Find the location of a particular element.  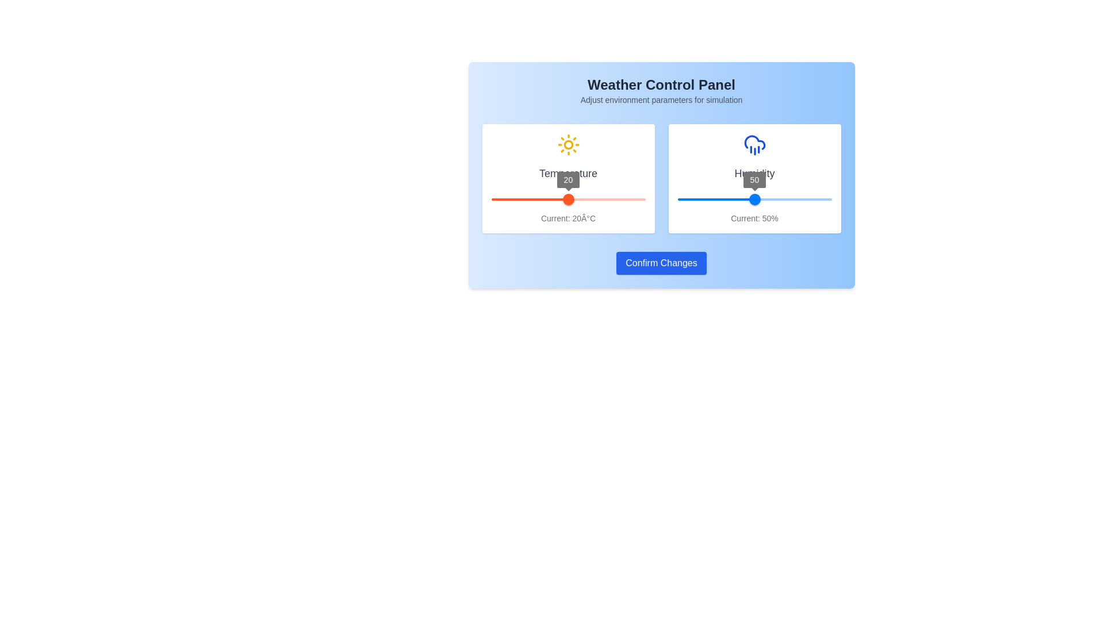

the temperature slider is located at coordinates (597, 199).